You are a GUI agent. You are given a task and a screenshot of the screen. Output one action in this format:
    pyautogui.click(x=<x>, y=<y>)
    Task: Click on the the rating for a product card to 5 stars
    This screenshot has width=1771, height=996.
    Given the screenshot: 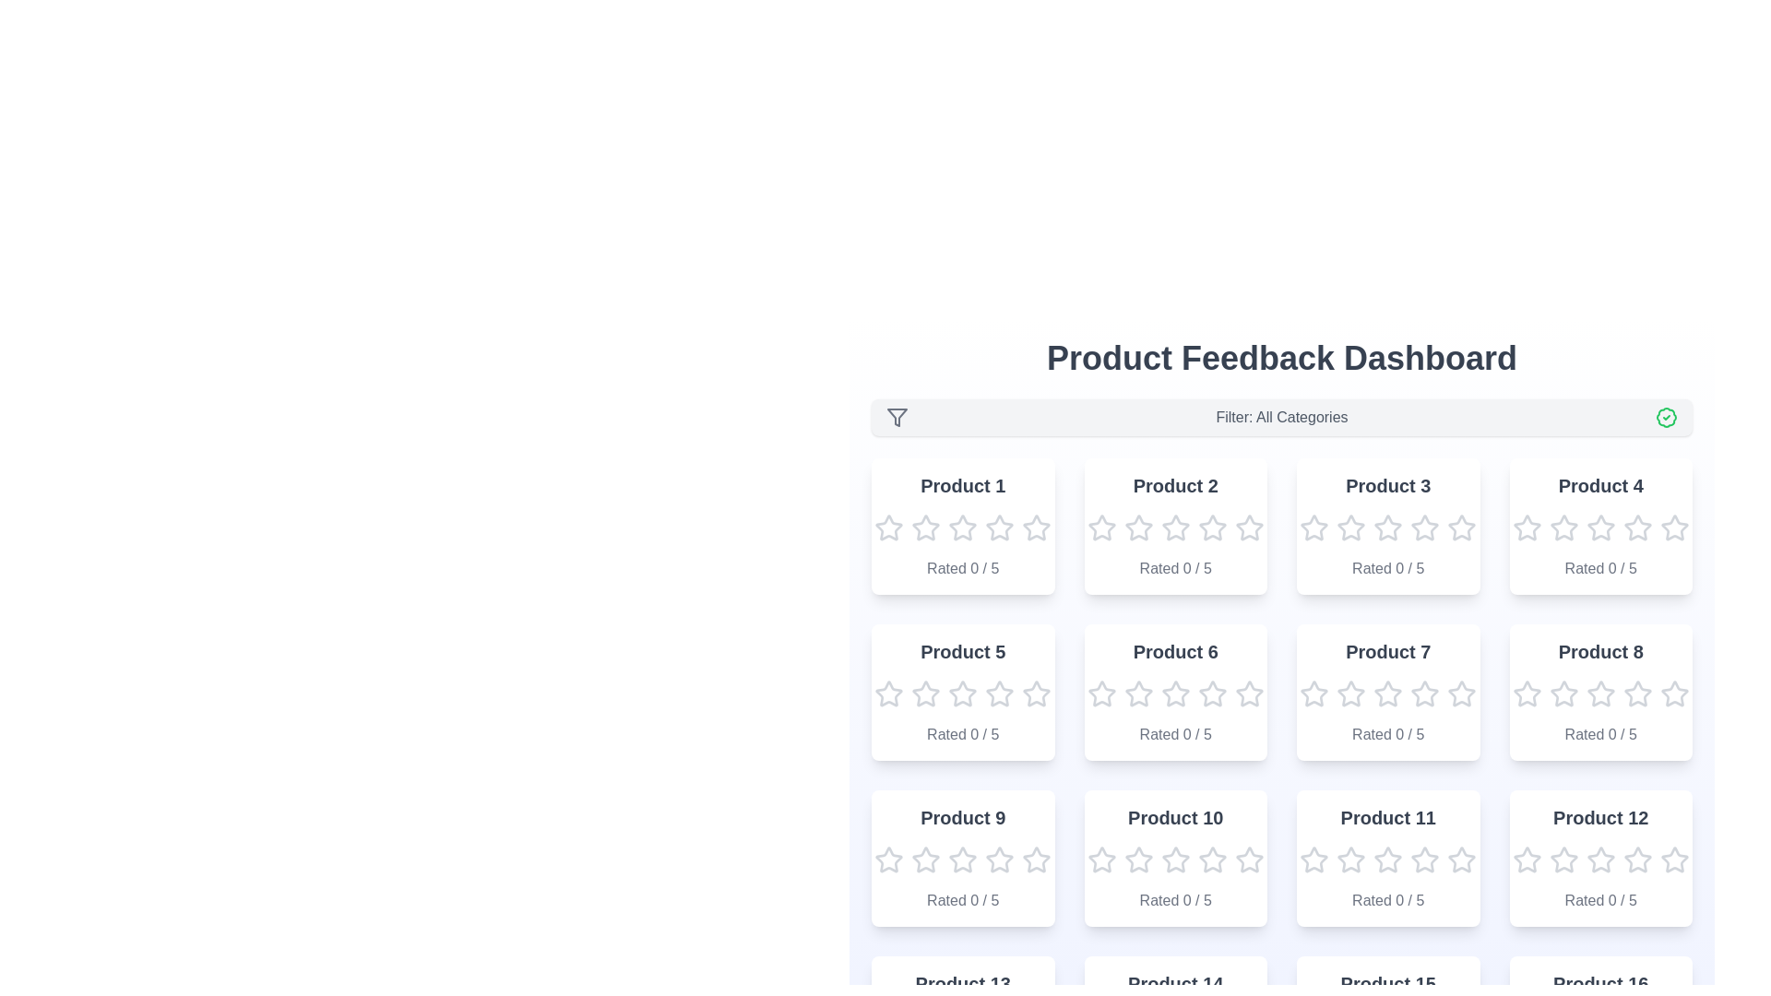 What is the action you would take?
    pyautogui.click(x=1036, y=528)
    